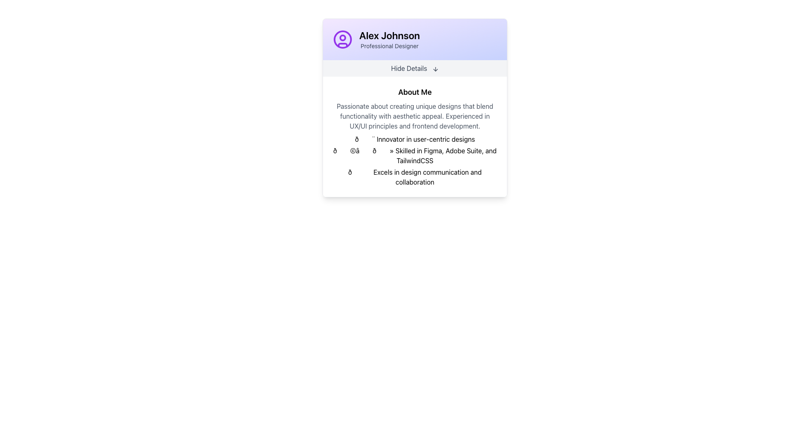 The height and width of the screenshot is (445, 792). What do you see at coordinates (415, 116) in the screenshot?
I see `the gray paragraph of text that is located under the bold 'About Me' heading, which describes professional skills and interests` at bounding box center [415, 116].